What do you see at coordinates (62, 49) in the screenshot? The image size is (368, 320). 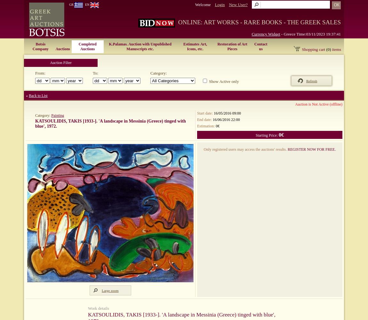 I see `'Auctions'` at bounding box center [62, 49].